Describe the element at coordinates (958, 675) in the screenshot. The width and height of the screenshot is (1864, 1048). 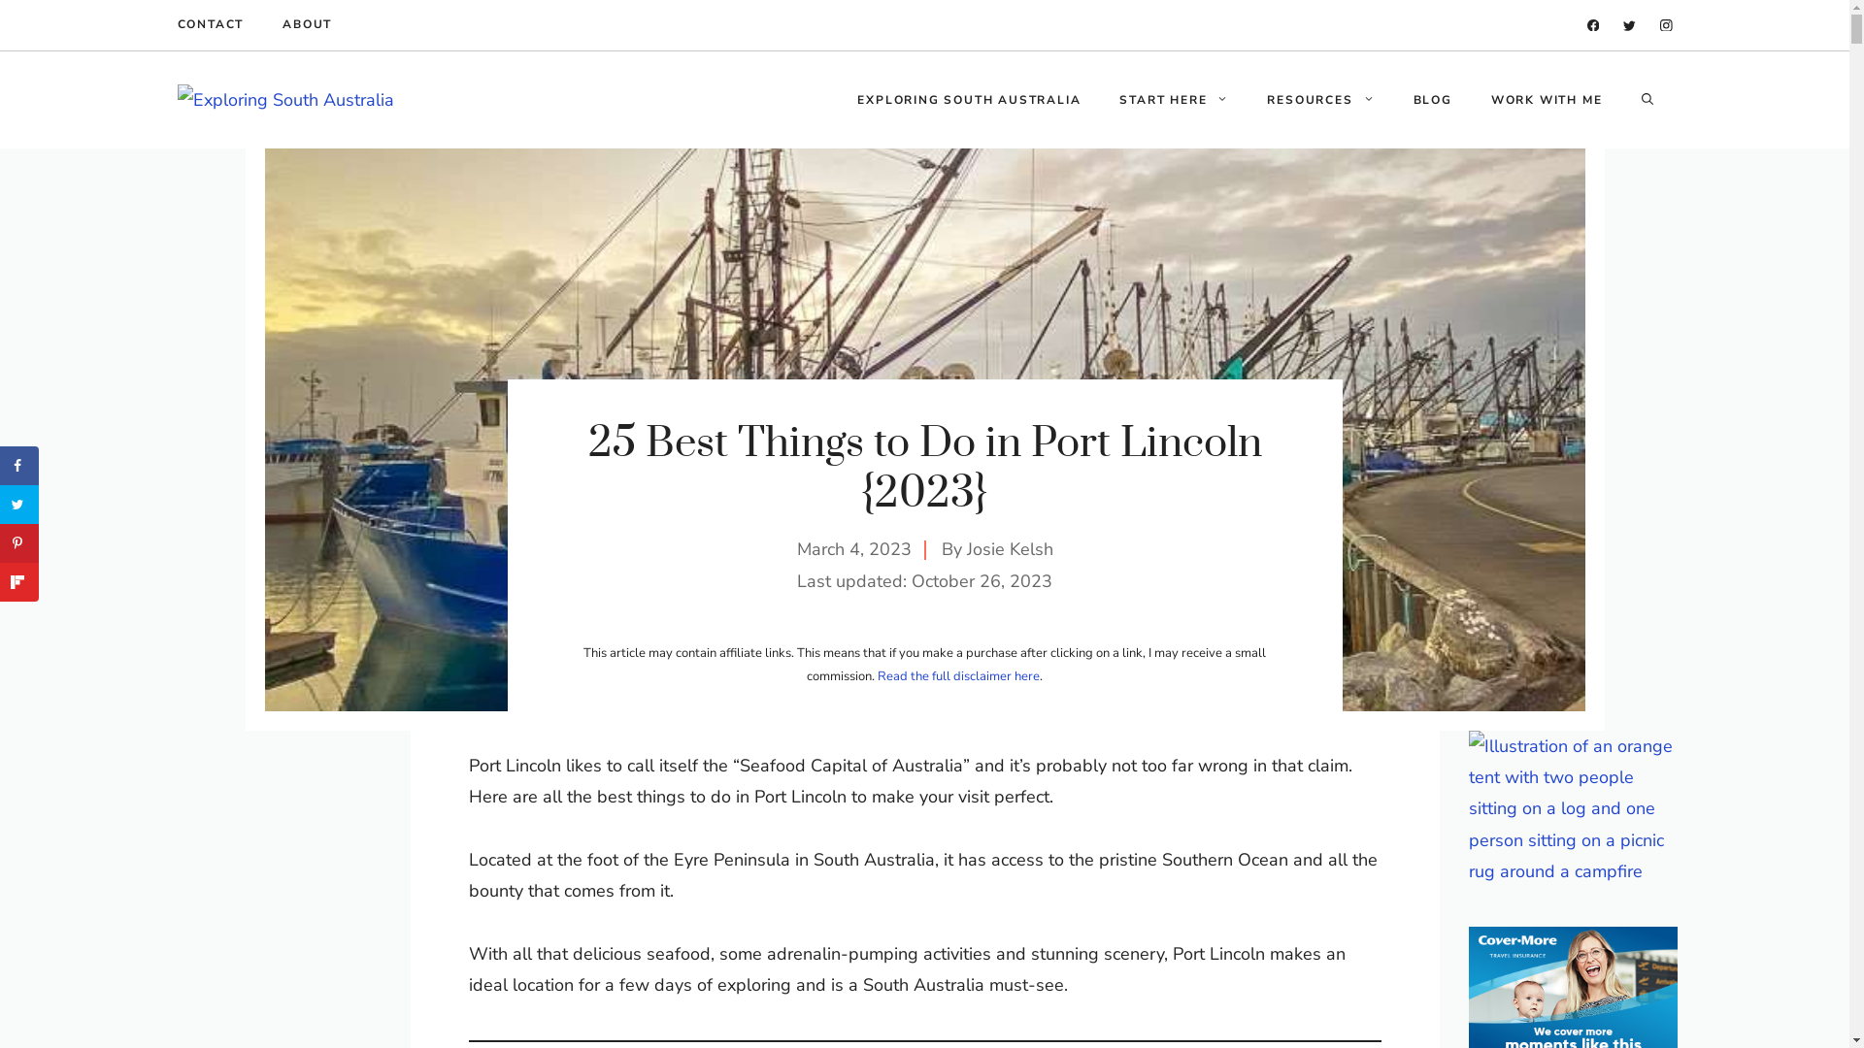
I see `'Read the full disclaimer here'` at that location.